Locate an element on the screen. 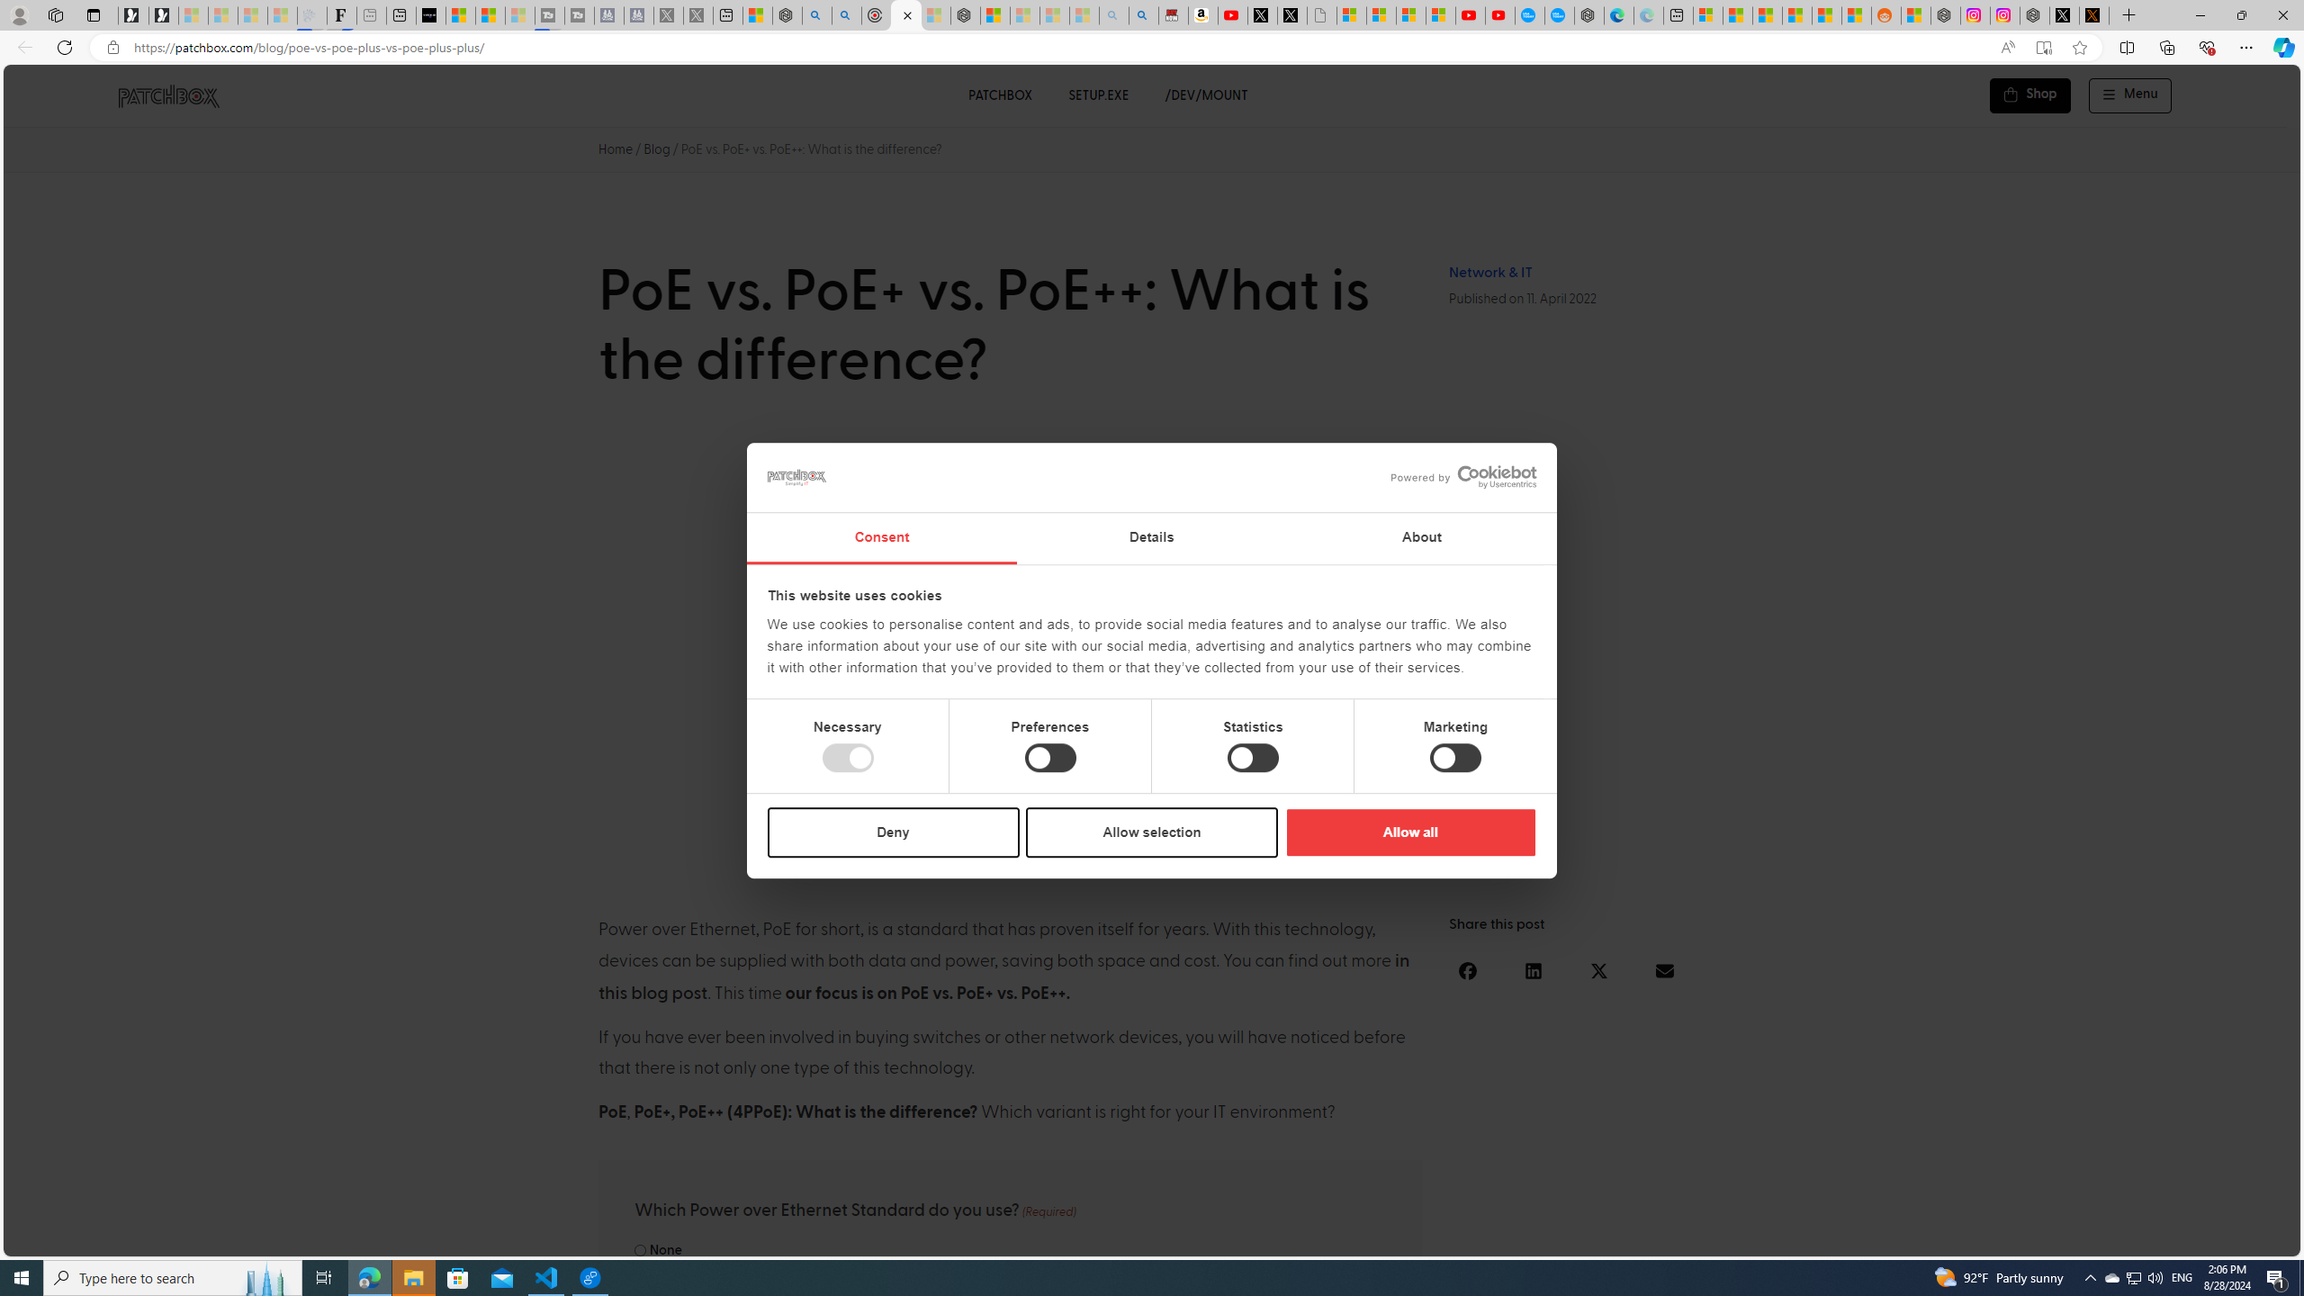 The width and height of the screenshot is (2304, 1296). 'Deny' is located at coordinates (893, 831).